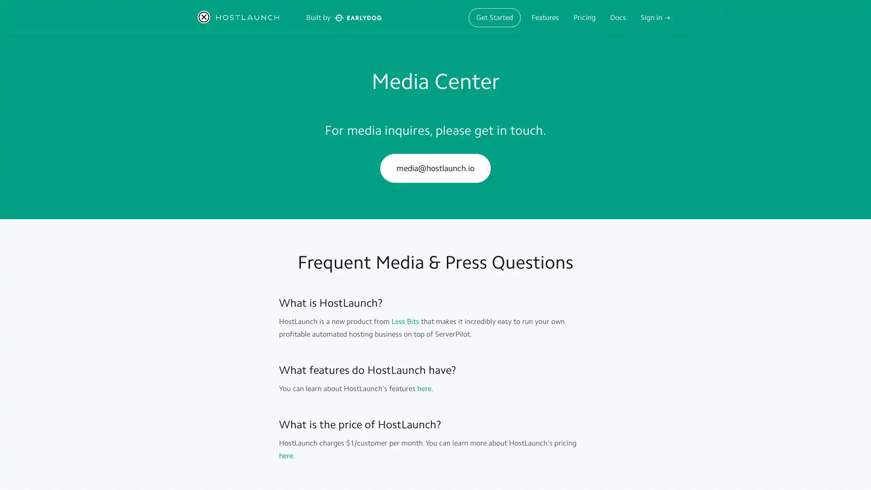  I want to click on Features, so click(544, 17).